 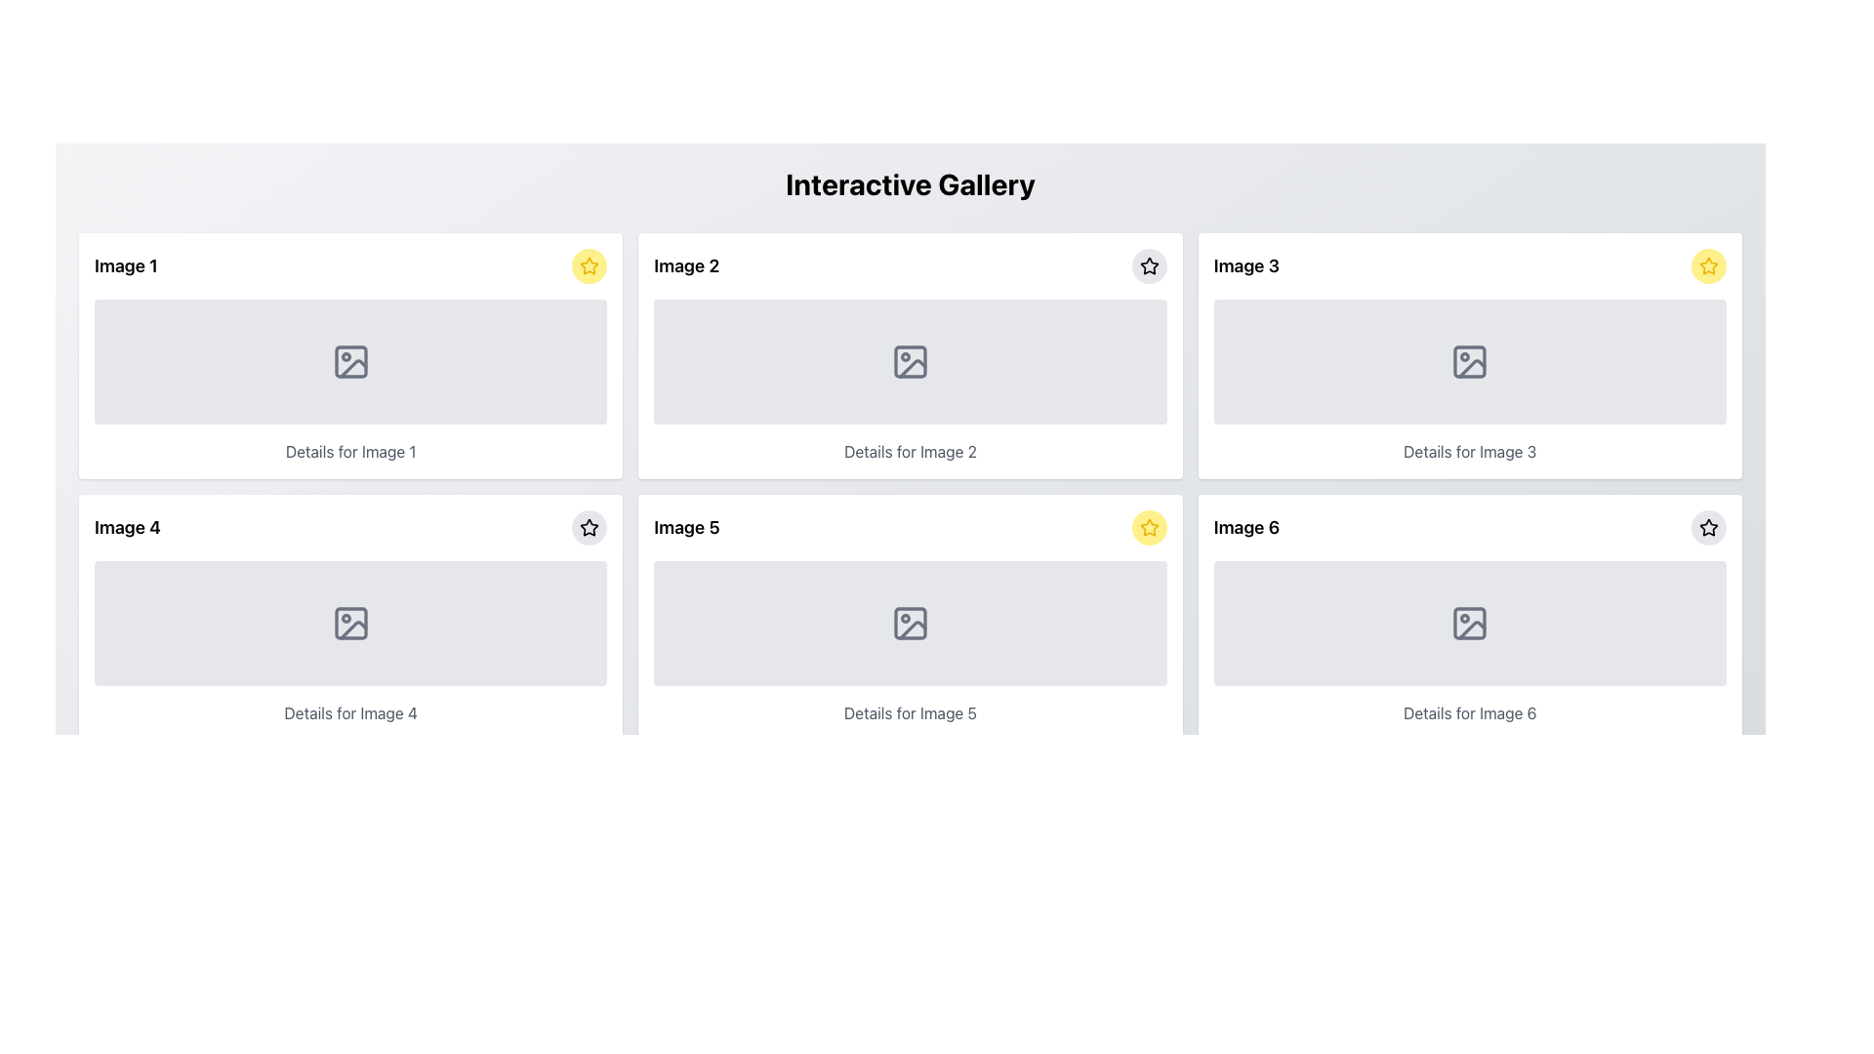 I want to click on the small rectangle with rounded corners located within the fourth image placeholder in the grid layout, so click(x=350, y=624).